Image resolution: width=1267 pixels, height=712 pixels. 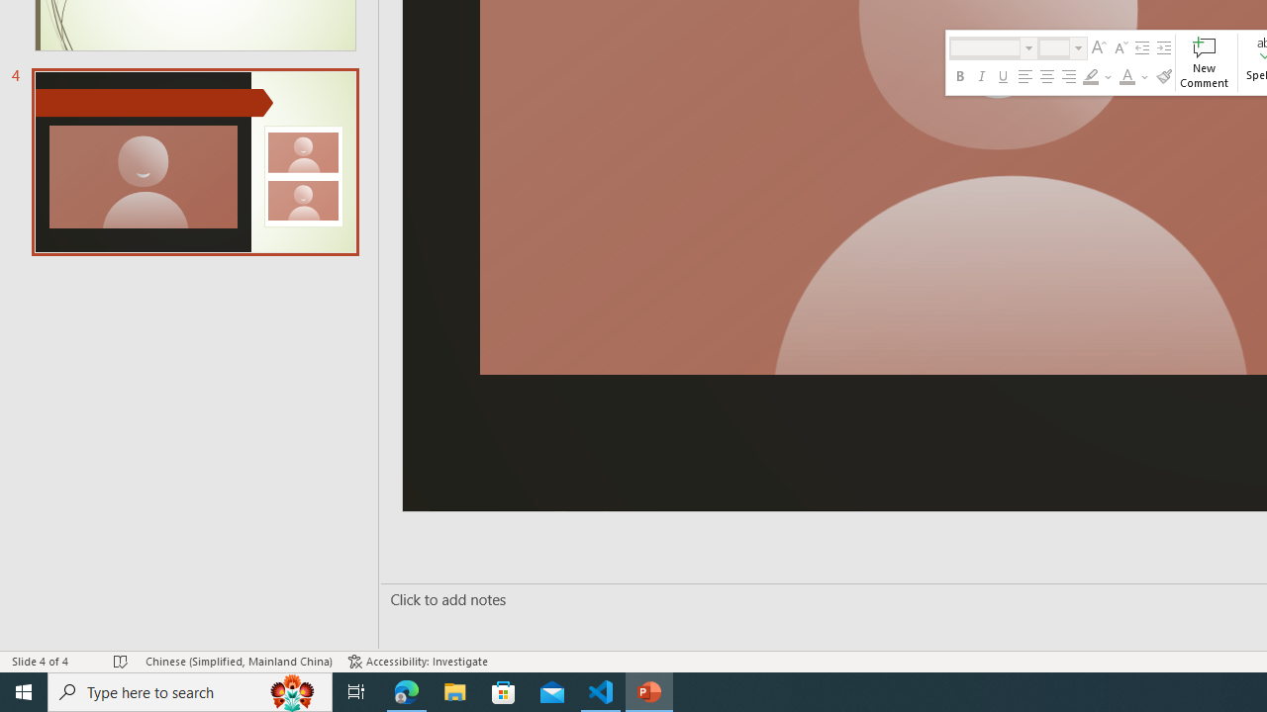 I want to click on 'Italic', so click(x=982, y=76).